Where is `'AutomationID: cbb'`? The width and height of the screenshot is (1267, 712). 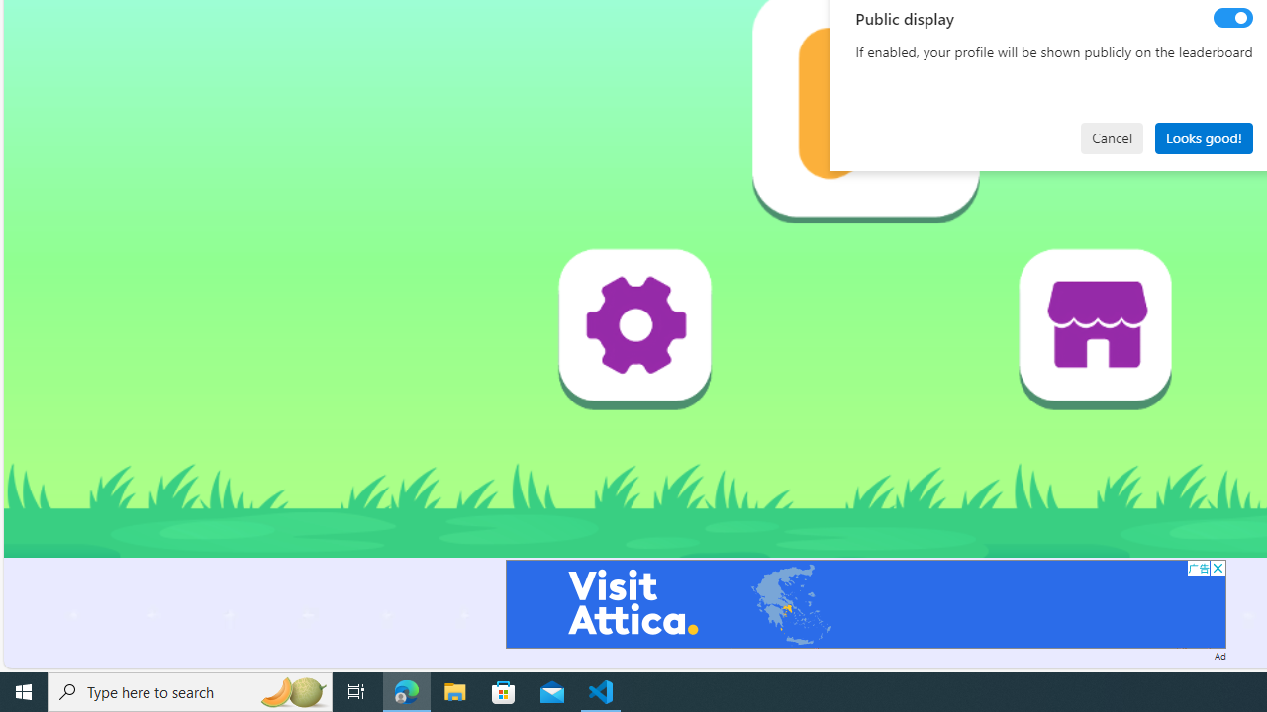 'AutomationID: cbb' is located at coordinates (1217, 568).